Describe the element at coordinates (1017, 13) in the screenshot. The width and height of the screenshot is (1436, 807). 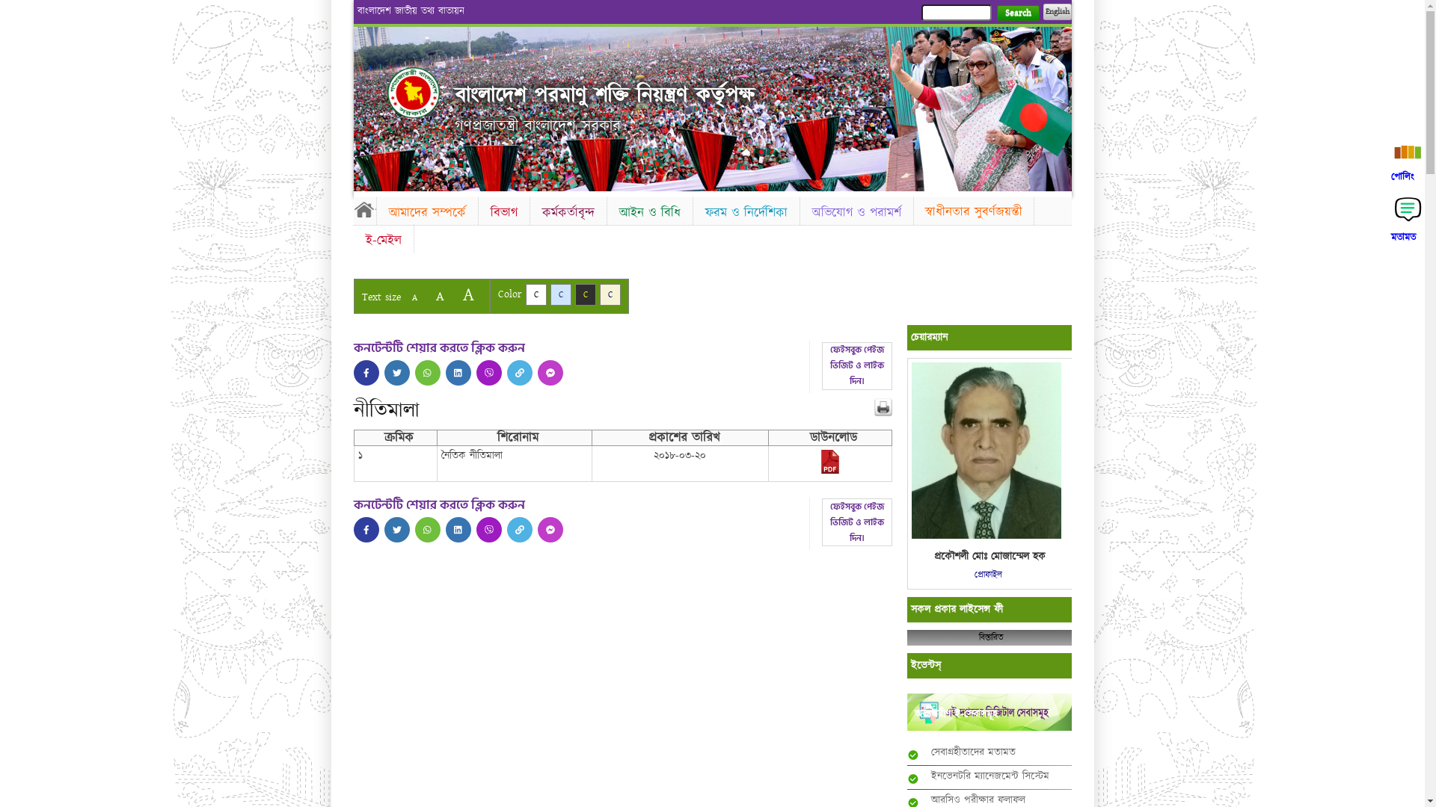
I see `'Search'` at that location.